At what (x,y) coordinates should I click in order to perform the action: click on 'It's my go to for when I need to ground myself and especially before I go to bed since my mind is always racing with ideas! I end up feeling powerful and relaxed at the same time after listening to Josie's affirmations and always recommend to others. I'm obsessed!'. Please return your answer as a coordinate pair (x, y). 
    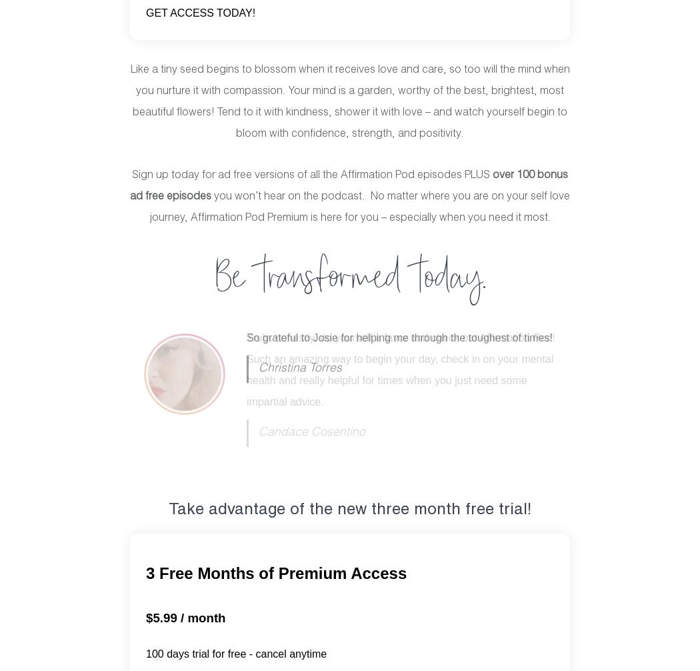
    Looking at the image, I should click on (399, 380).